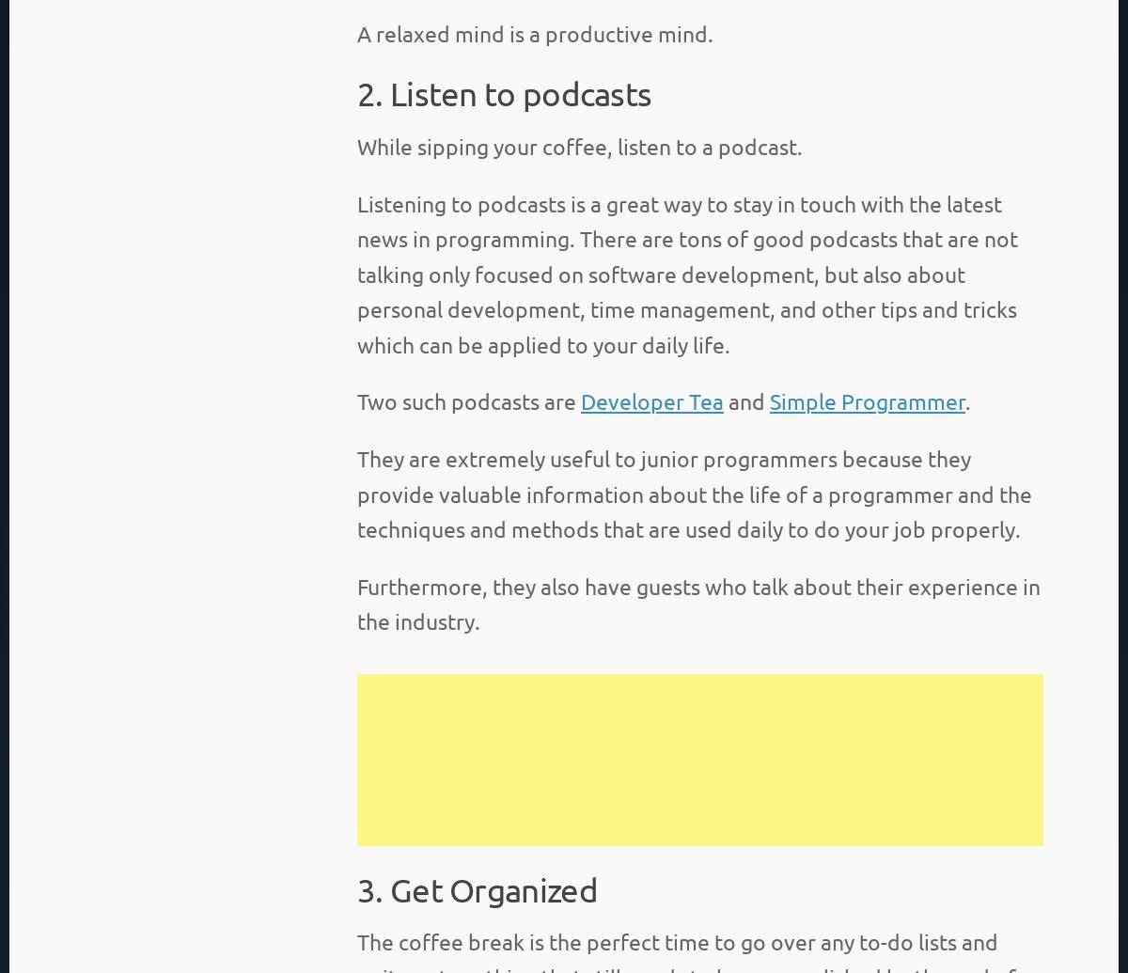 This screenshot has width=1128, height=973. Describe the element at coordinates (698, 603) in the screenshot. I see `'Furthermore, they also have guests who talk about their experience in the industry.'` at that location.